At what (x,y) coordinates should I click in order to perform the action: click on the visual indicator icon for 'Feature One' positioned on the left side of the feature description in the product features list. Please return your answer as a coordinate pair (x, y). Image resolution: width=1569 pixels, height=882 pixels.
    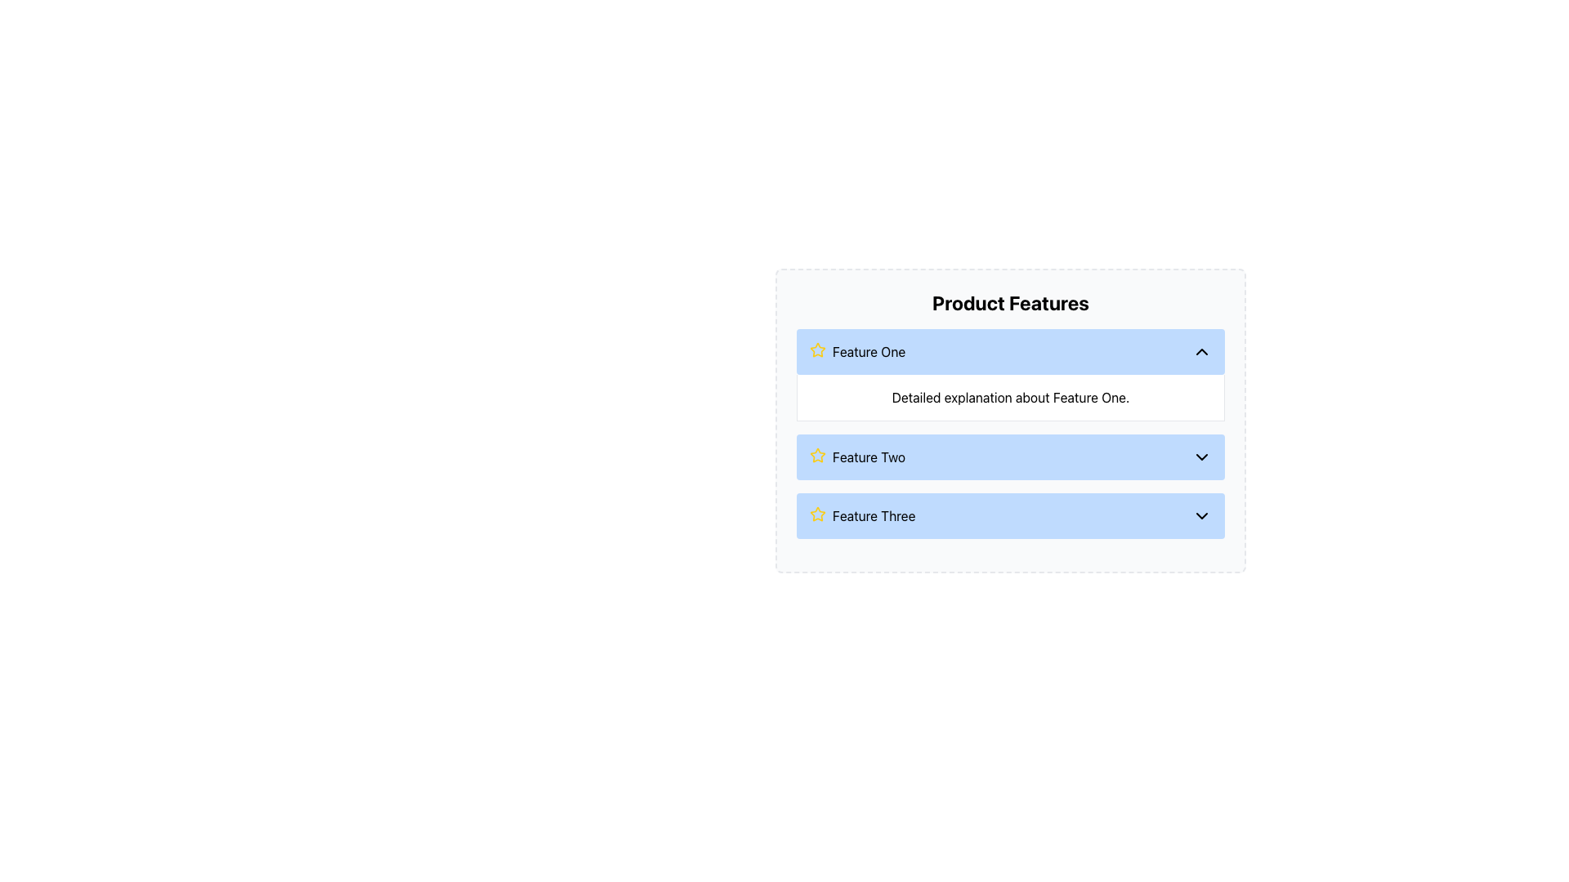
    Looking at the image, I should click on (818, 349).